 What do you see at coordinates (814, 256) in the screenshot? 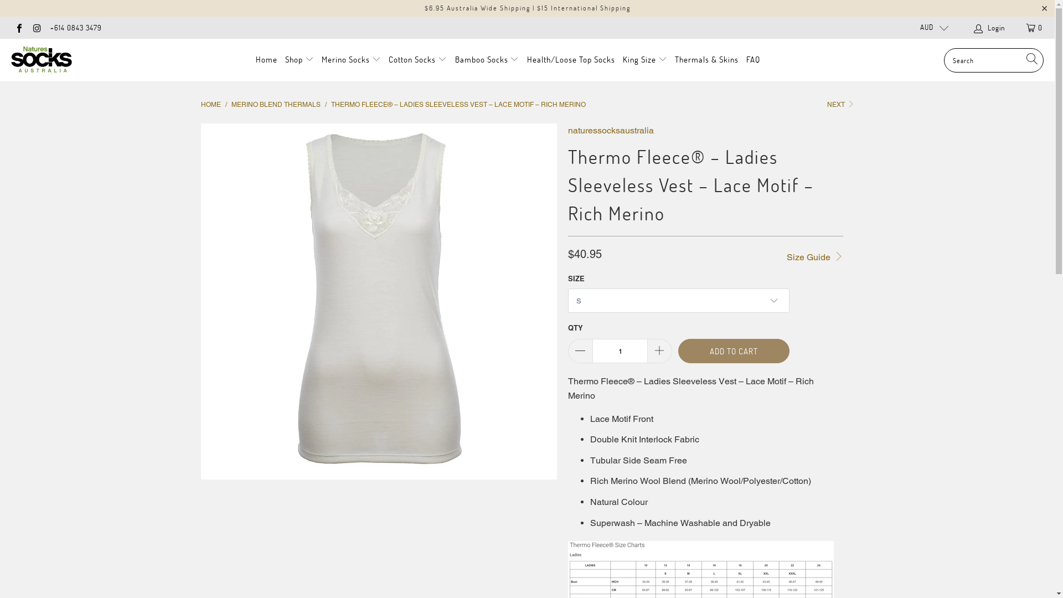
I see `'Size Guide'` at bounding box center [814, 256].